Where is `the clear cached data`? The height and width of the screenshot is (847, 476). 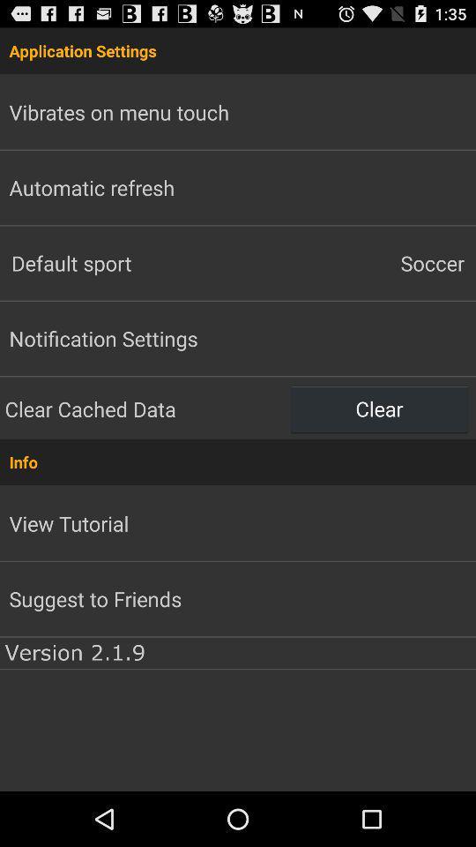 the clear cached data is located at coordinates (145, 409).